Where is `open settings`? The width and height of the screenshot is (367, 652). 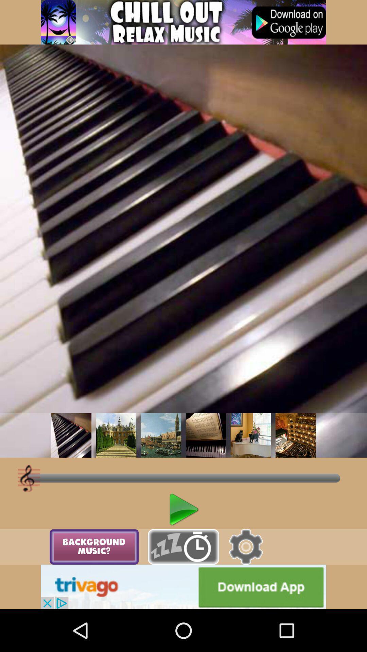
open settings is located at coordinates (246, 547).